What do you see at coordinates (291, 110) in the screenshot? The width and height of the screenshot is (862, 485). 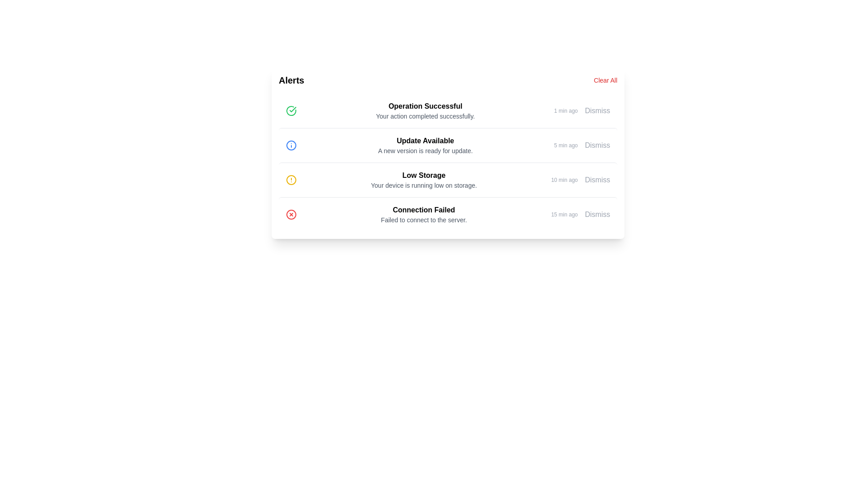 I see `the outer circular component of the icon that signifies the success of the operation, which is positioned at the top-left corner relative to the 'Operation Successful' alert text` at bounding box center [291, 110].